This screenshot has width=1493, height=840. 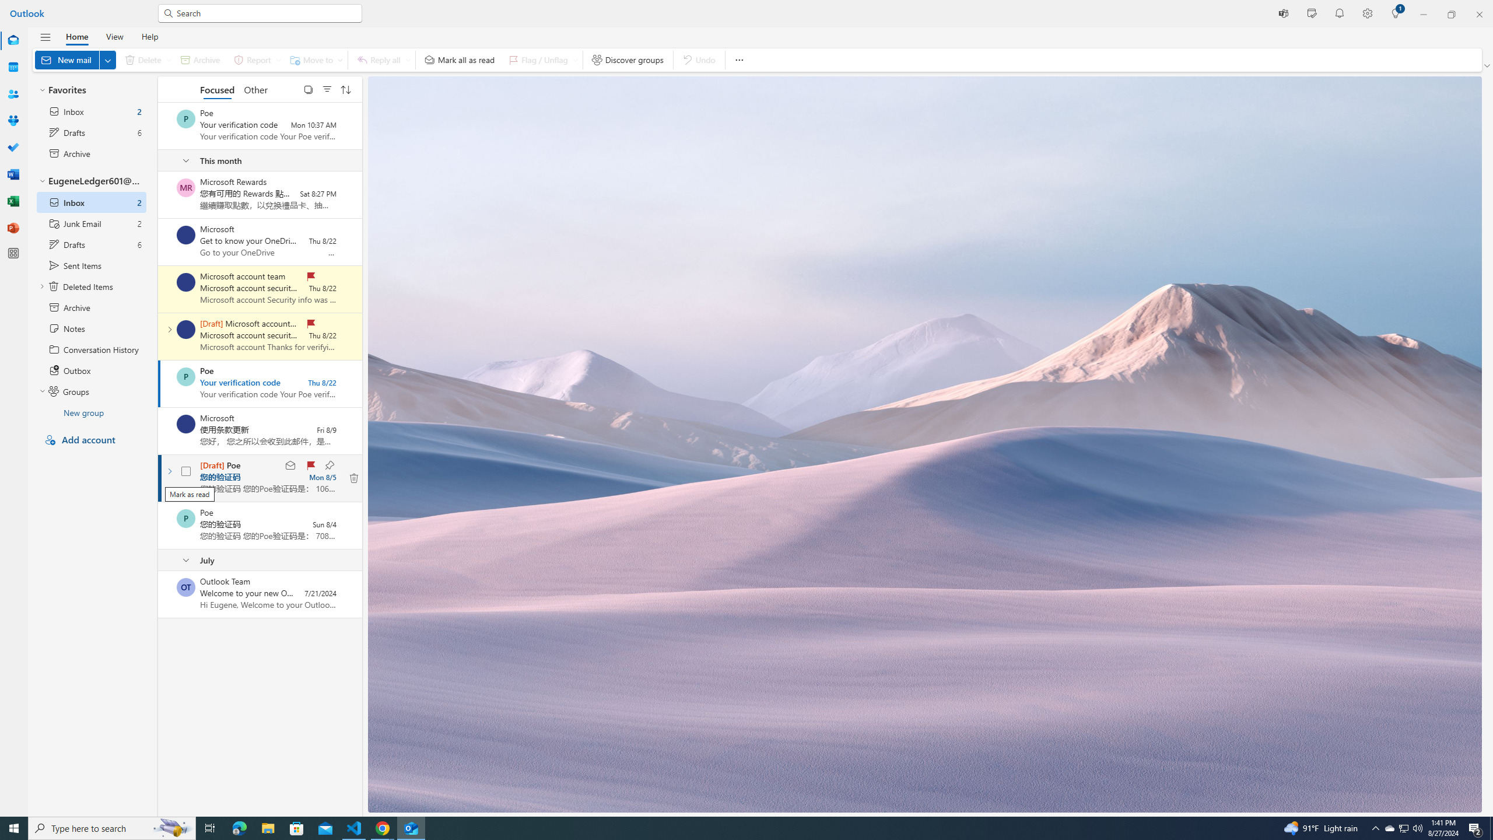 What do you see at coordinates (185, 518) in the screenshot?
I see `'Poe'` at bounding box center [185, 518].